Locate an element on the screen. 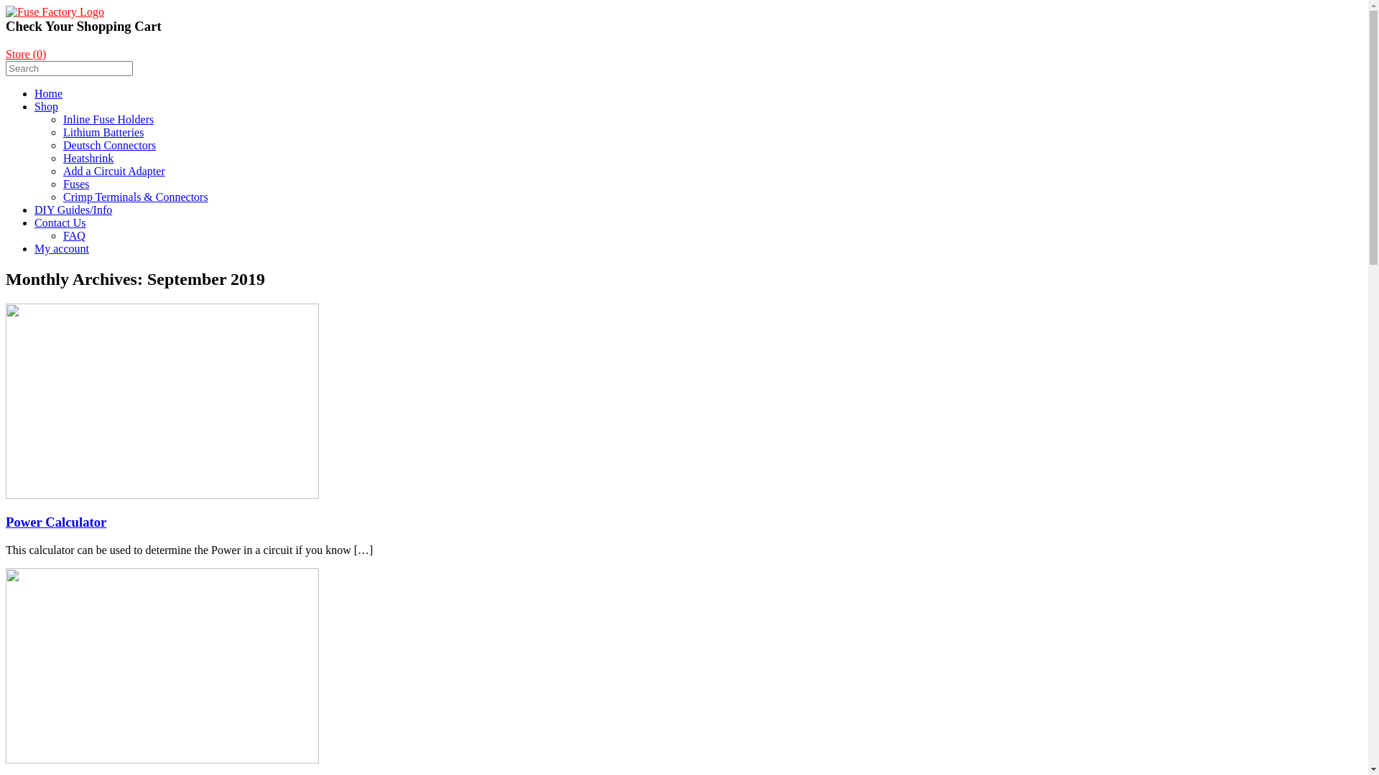  'Add a Circuit Adapter' is located at coordinates (62, 170).